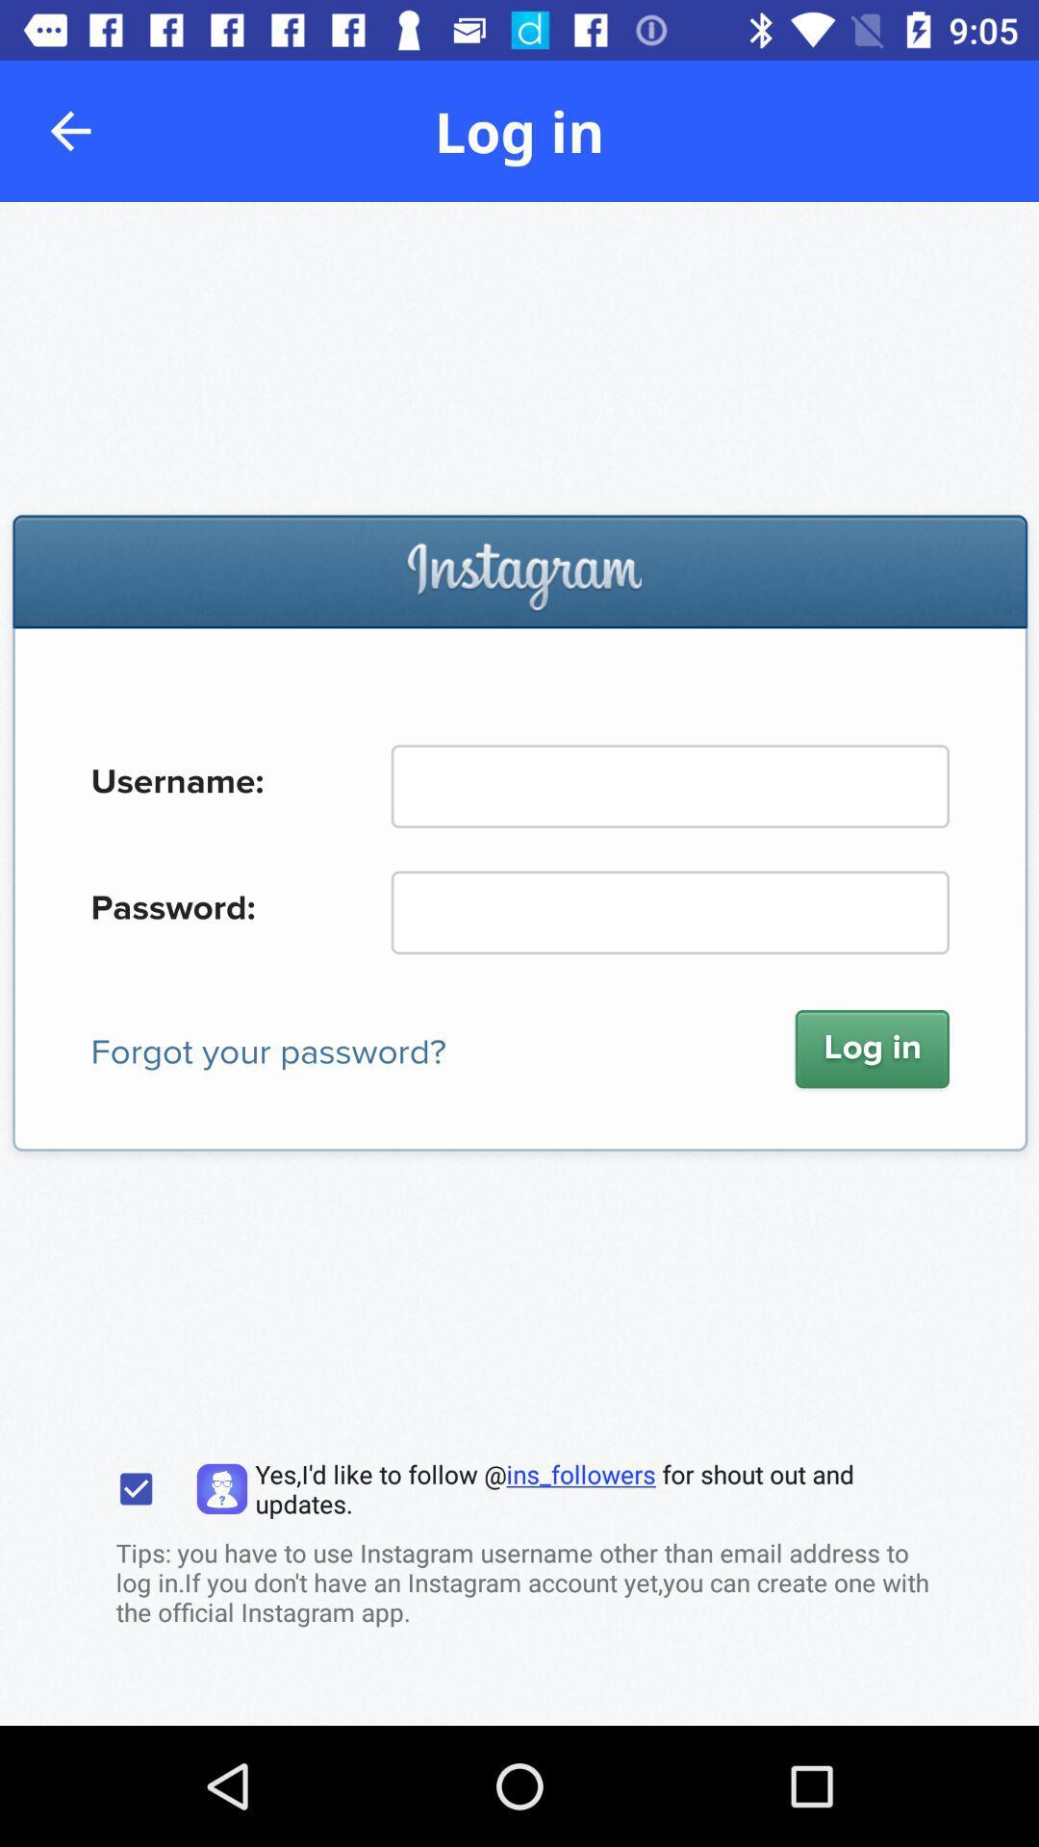 The image size is (1039, 1847). What do you see at coordinates (135, 1488) in the screenshot?
I see `selection box` at bounding box center [135, 1488].